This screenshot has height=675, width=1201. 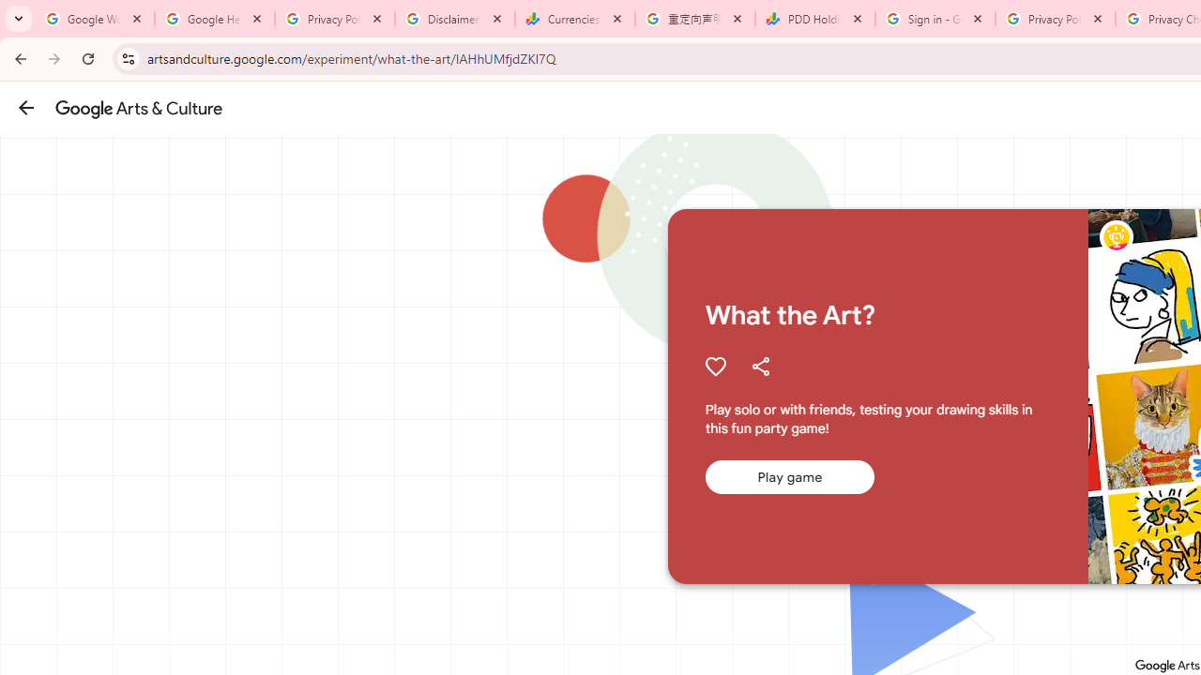 I want to click on 'Google Workspace Admin Community', so click(x=94, y=19).